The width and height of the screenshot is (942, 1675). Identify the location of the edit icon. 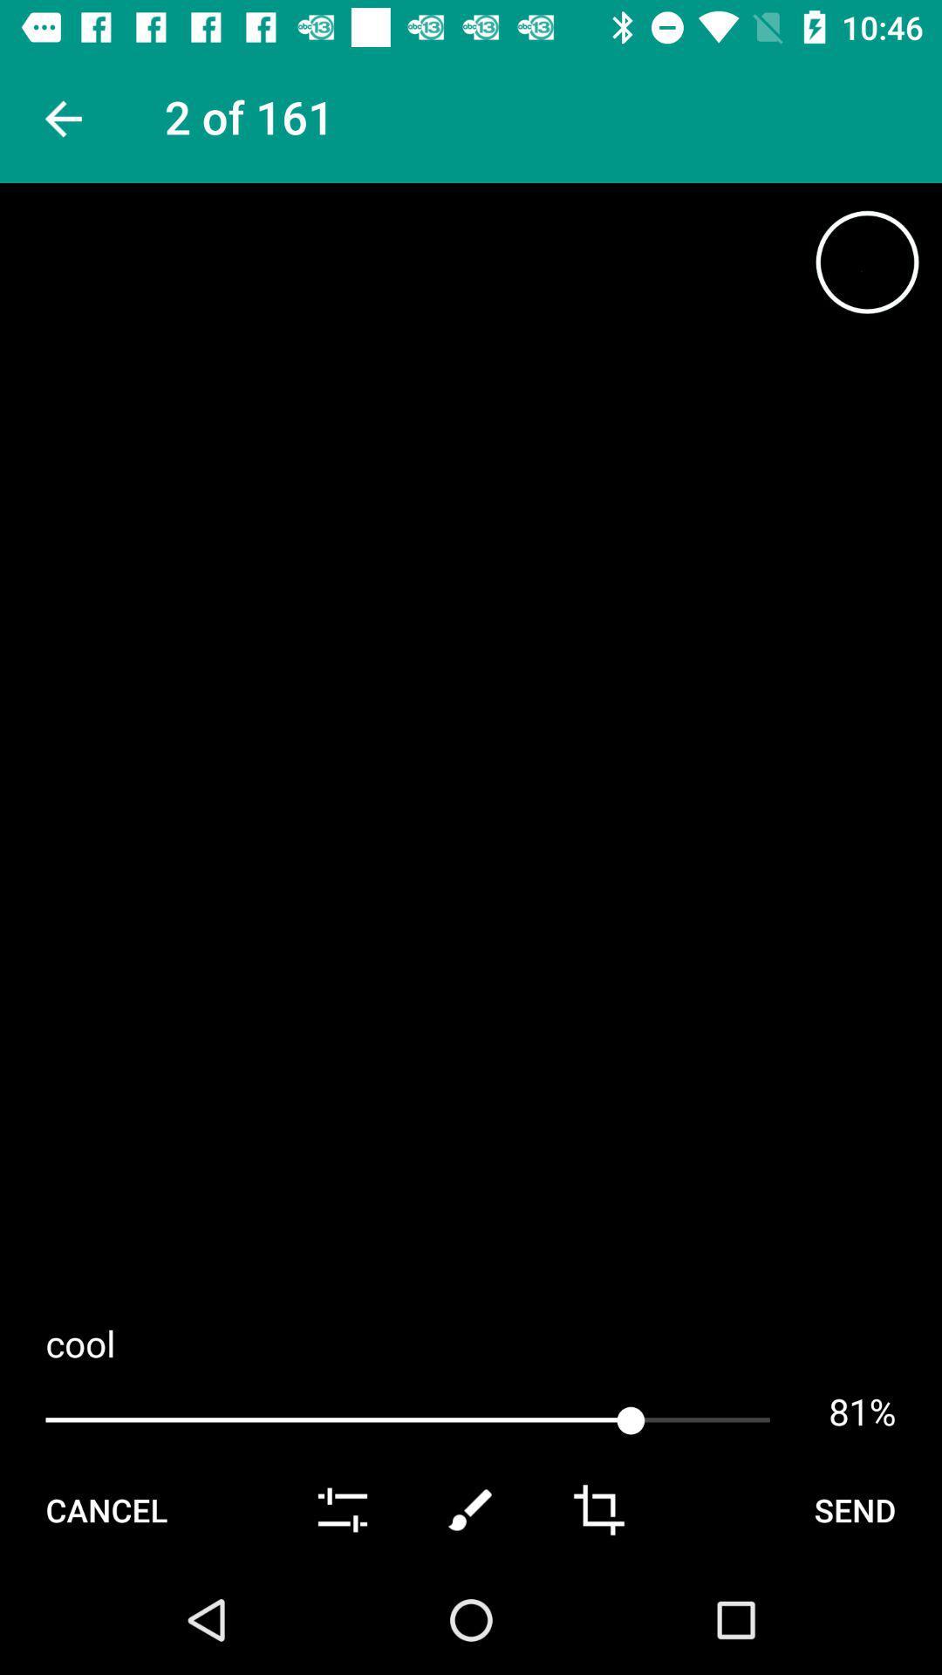
(471, 1615).